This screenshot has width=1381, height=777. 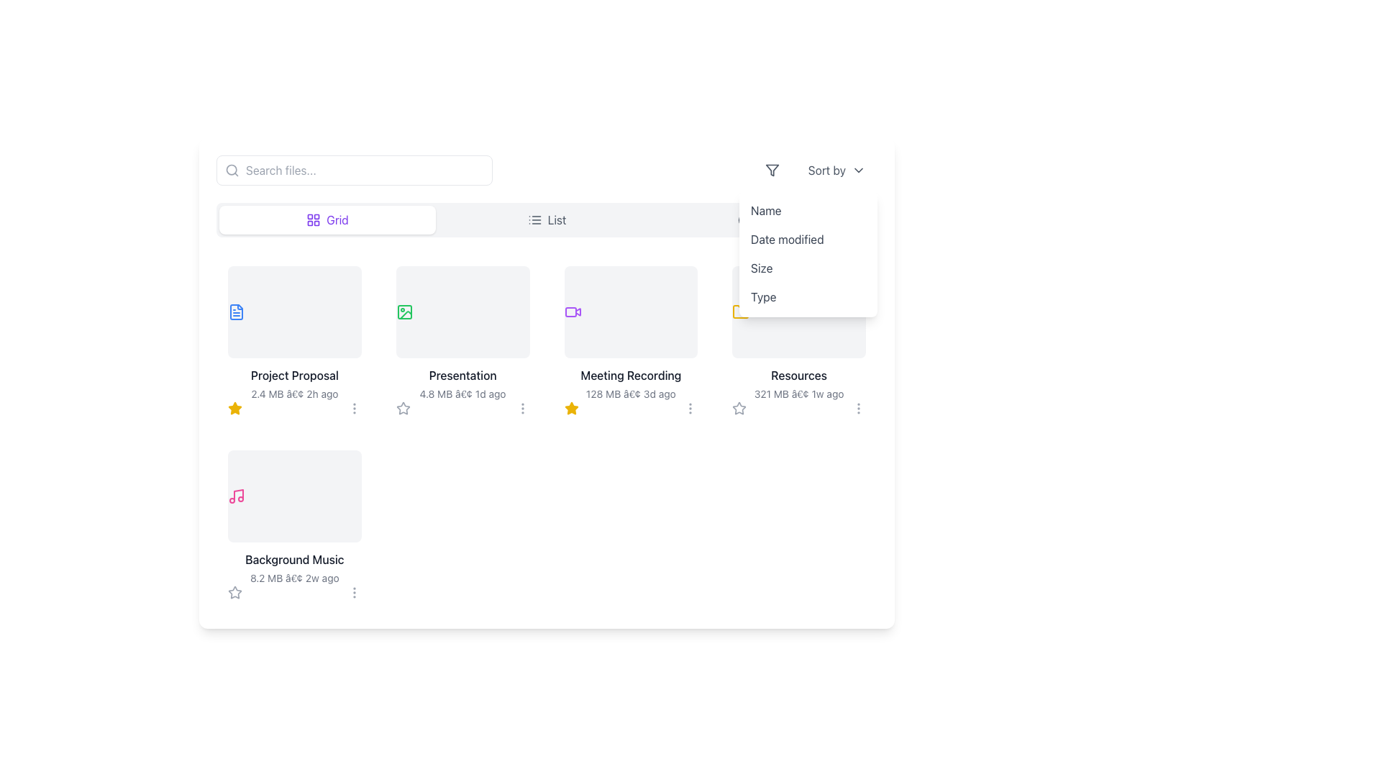 What do you see at coordinates (462, 341) in the screenshot?
I see `the 'Presentation' file card in the grid layout` at bounding box center [462, 341].